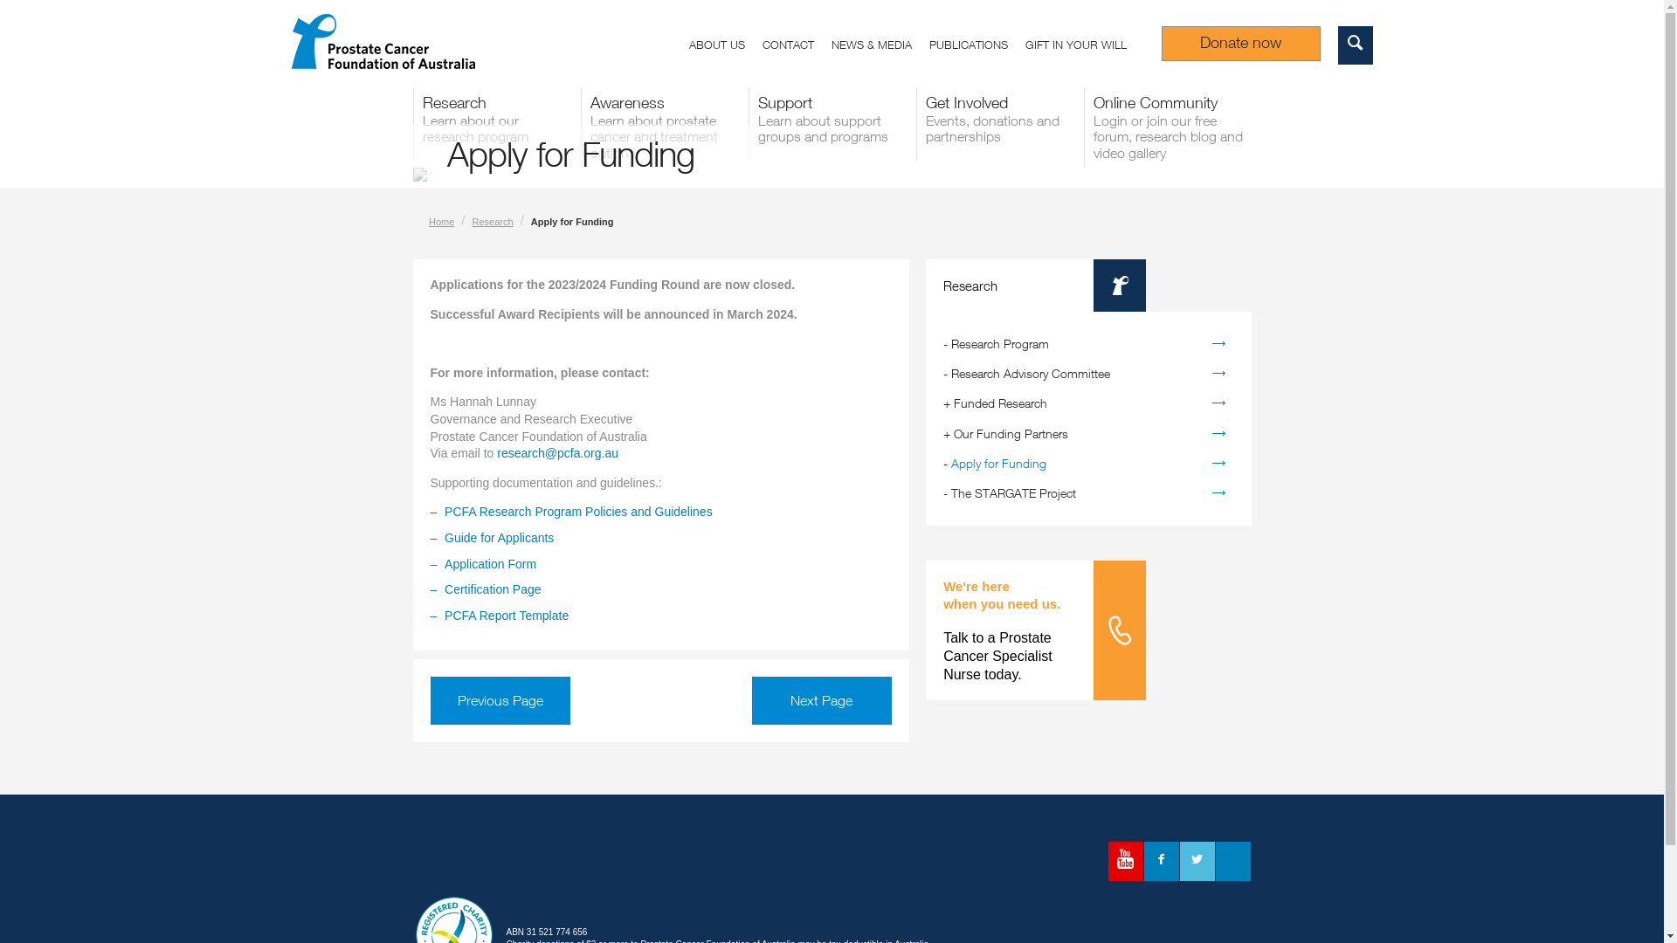 Image resolution: width=1677 pixels, height=943 pixels. I want to click on 'NEWS & MEDIA', so click(880, 46).